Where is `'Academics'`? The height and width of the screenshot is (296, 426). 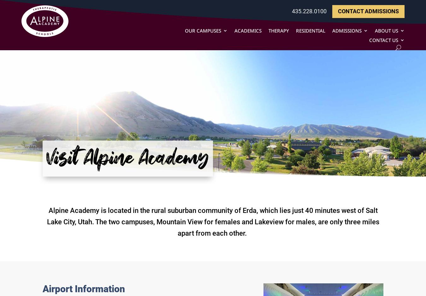 'Academics' is located at coordinates (234, 30).